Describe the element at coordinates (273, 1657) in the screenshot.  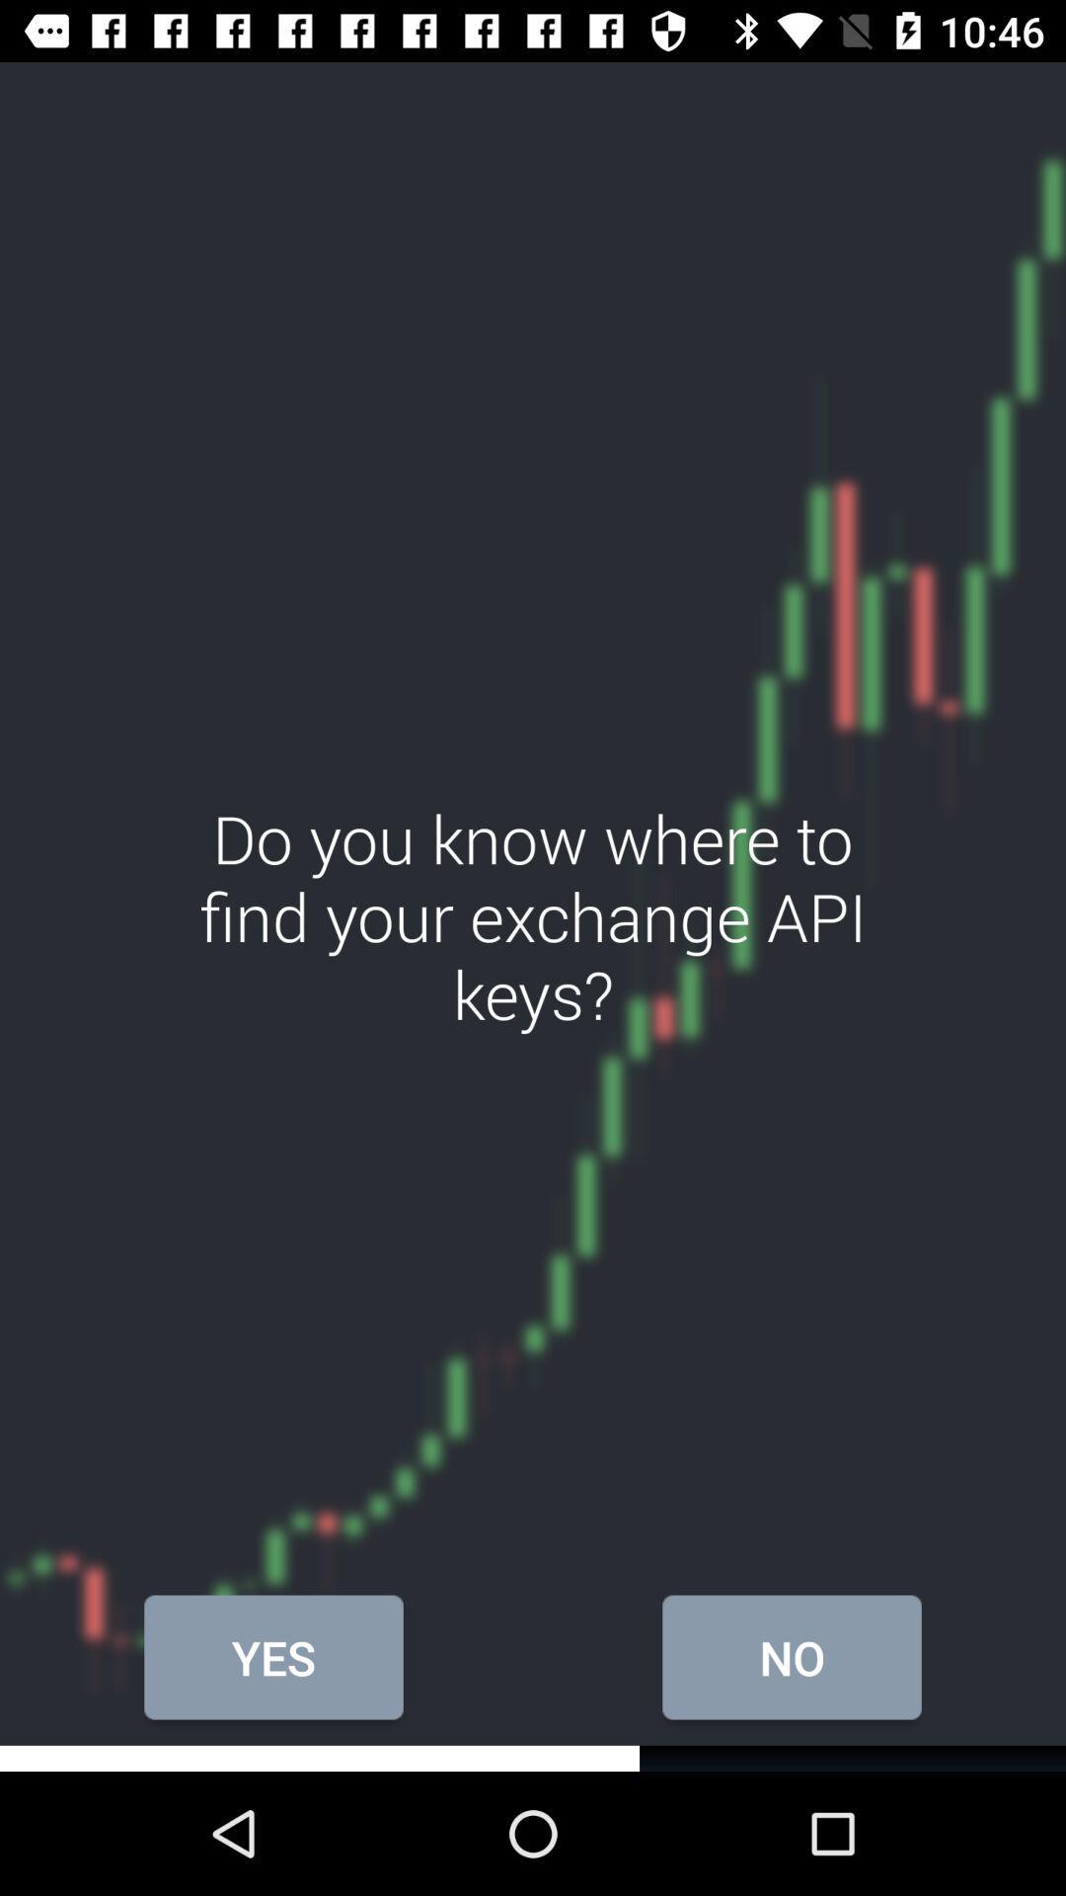
I see `icon to the left of no item` at that location.